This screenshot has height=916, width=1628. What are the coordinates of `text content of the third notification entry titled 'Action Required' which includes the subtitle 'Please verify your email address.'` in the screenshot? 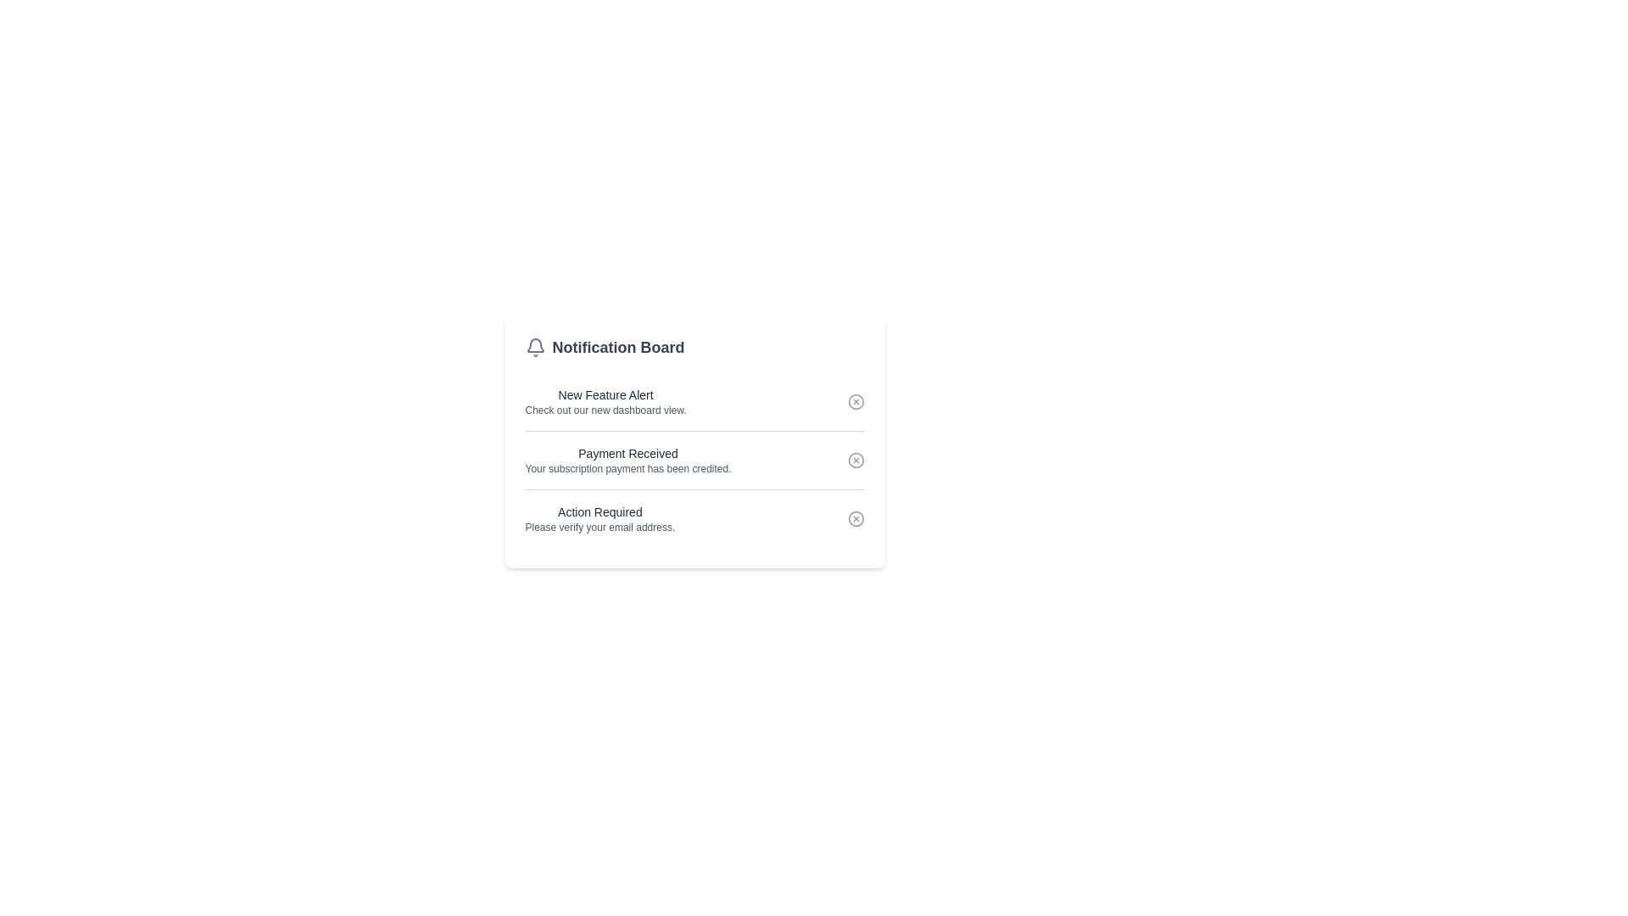 It's located at (599, 518).